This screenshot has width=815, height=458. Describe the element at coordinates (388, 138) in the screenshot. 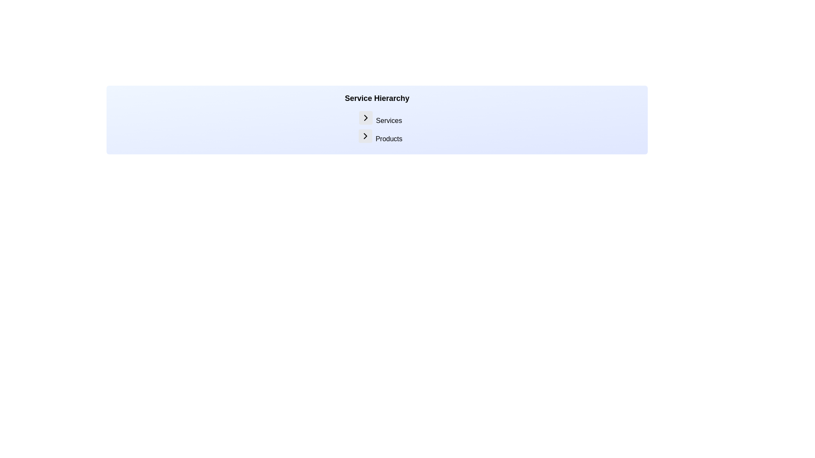

I see `the 'Products' text label which is the second entry in the vertical list under the header 'Service Hierarchy'` at that location.